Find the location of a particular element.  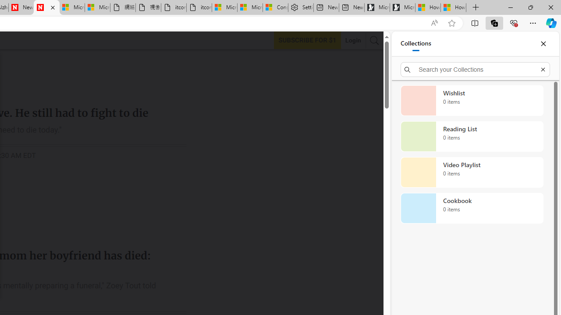

'Illness news & latest pictures from Newsweek.com' is located at coordinates (46, 7).